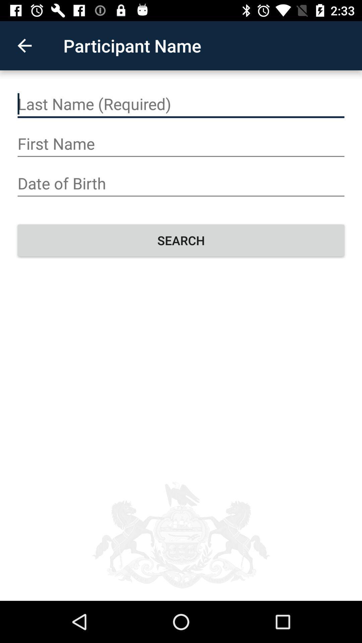  What do you see at coordinates (24, 45) in the screenshot?
I see `the icon at the top left corner` at bounding box center [24, 45].